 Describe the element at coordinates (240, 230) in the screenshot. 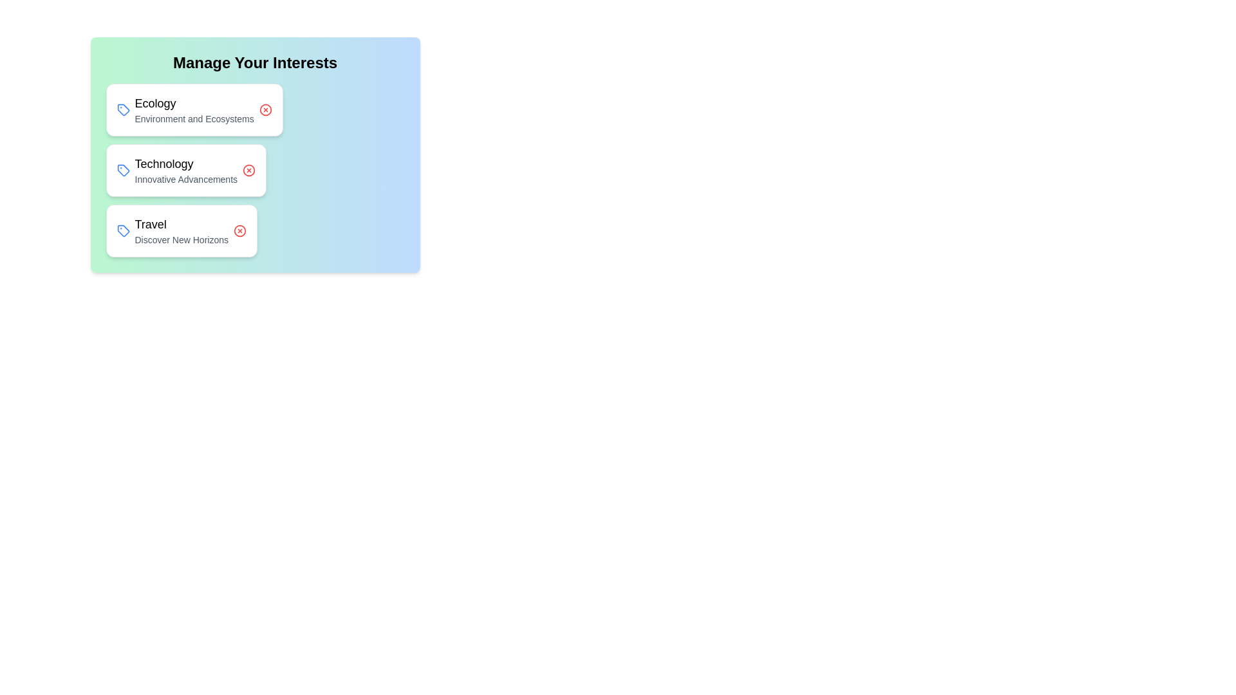

I see `the delete button of the chip labeled Travel` at that location.